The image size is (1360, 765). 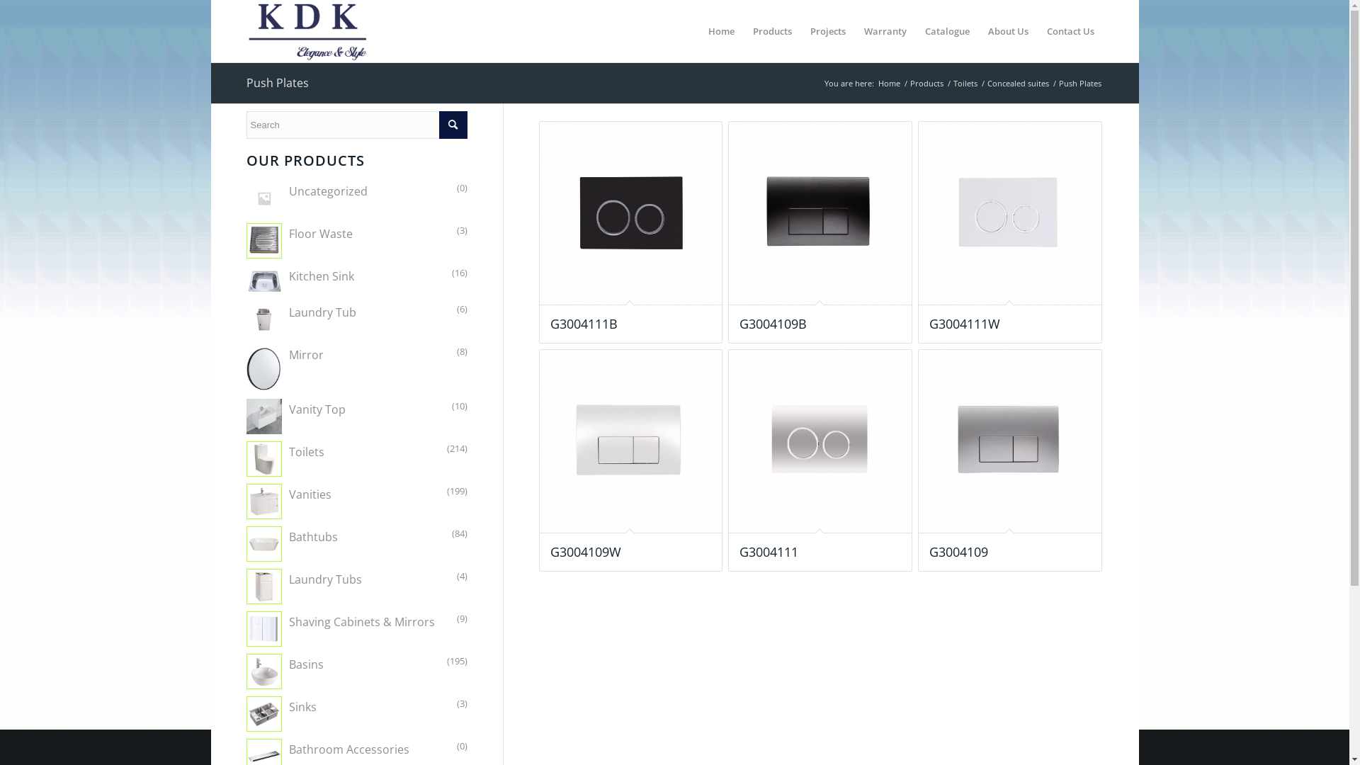 I want to click on 'Vanity Top', so click(x=264, y=415).